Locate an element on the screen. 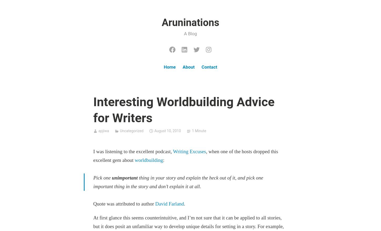  'thing in your story and explain the heck out of it, and pick one important thing in the story and don’t explain it at all.' is located at coordinates (178, 182).